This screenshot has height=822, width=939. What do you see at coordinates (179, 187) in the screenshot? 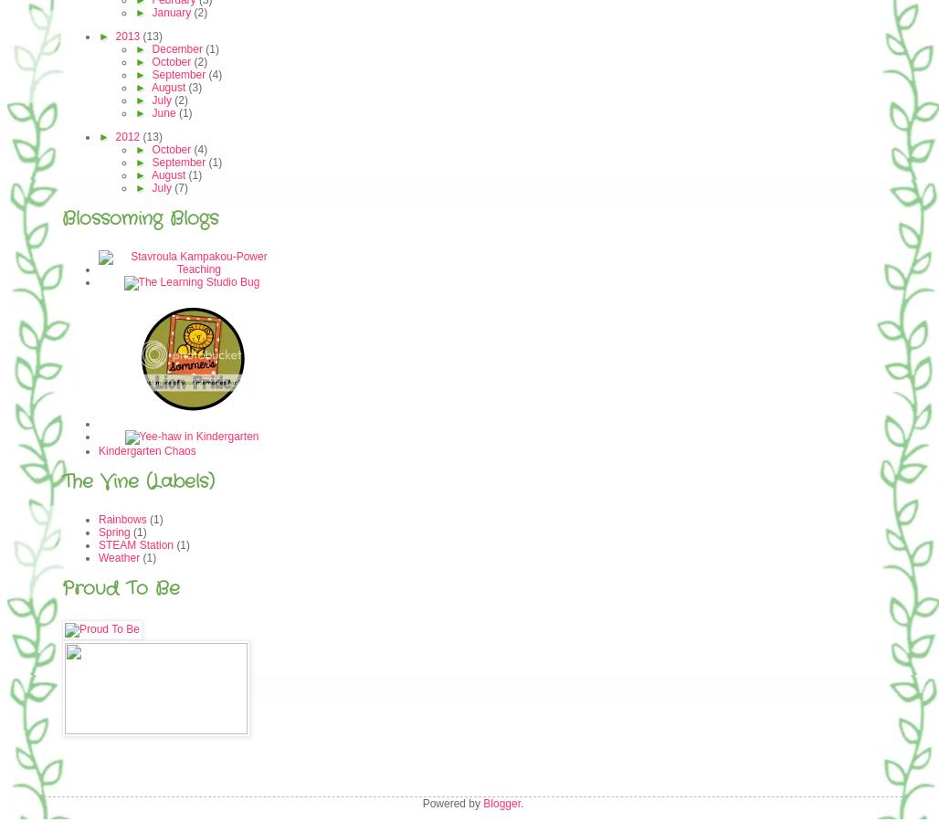
I see `'(7)'` at bounding box center [179, 187].